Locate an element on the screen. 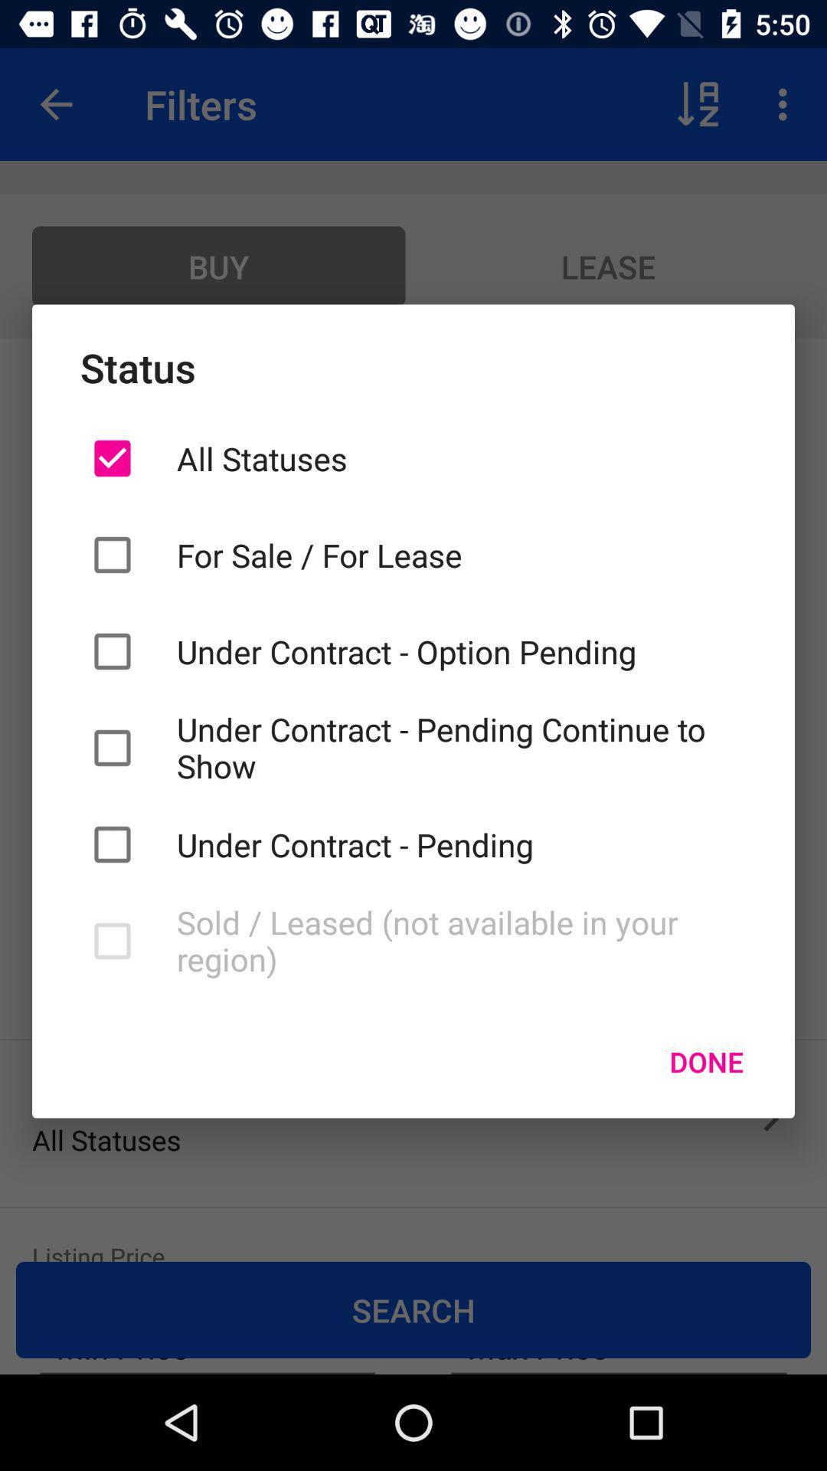 This screenshot has height=1471, width=827. the all statuses icon is located at coordinates (460, 457).